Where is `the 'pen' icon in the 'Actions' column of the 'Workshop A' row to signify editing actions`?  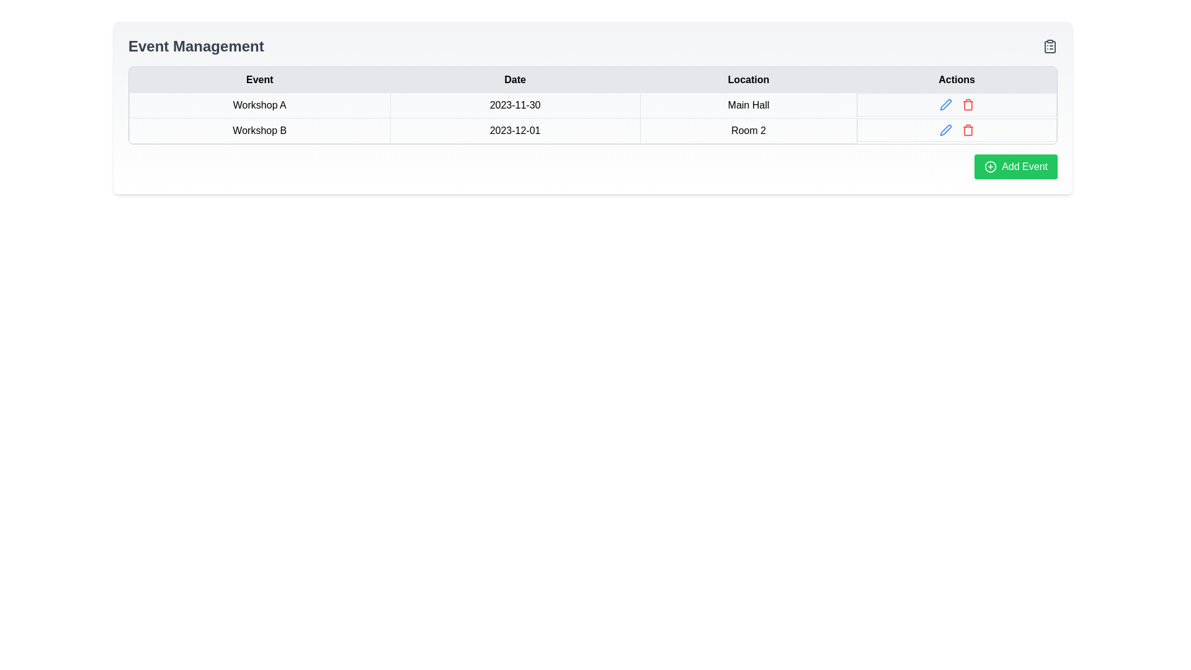
the 'pen' icon in the 'Actions' column of the 'Workshop A' row to signify editing actions is located at coordinates (945, 130).